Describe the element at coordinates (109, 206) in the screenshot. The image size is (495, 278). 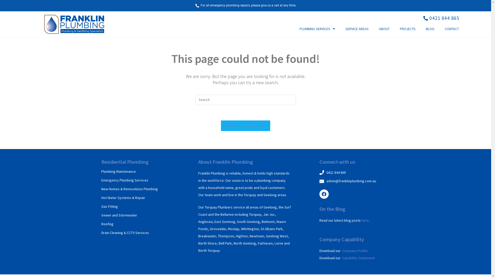
I see `'Gas Fitting'` at that location.